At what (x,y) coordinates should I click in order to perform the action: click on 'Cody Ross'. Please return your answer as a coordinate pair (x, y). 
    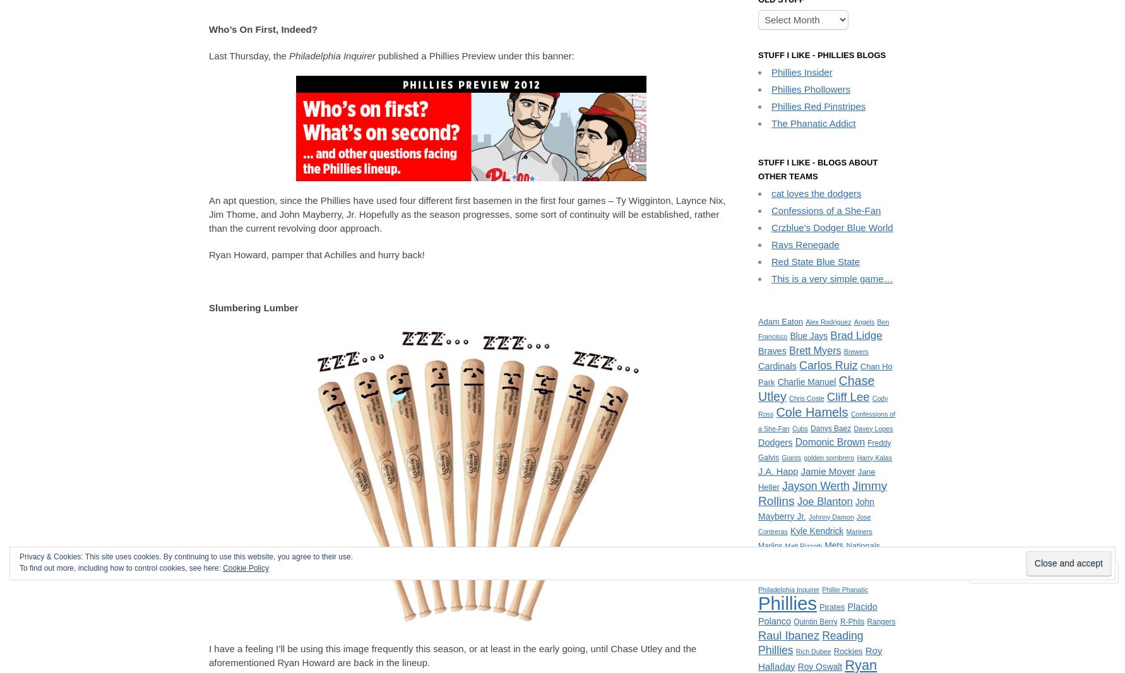
    Looking at the image, I should click on (758, 405).